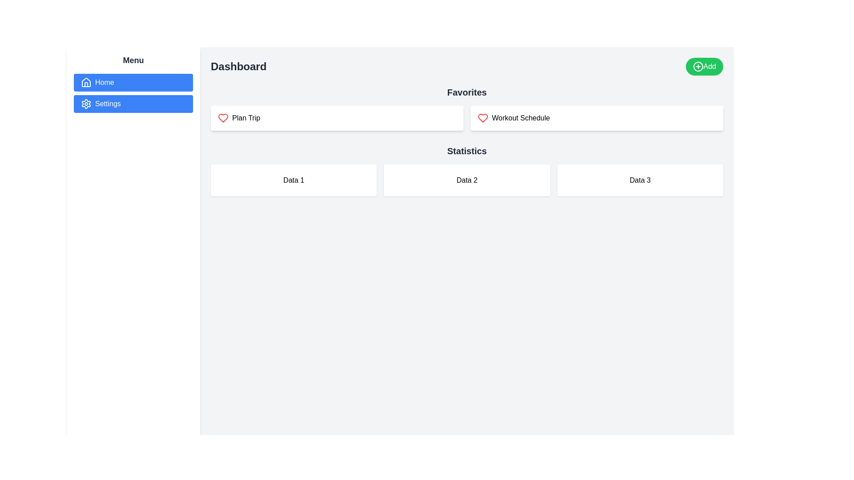 This screenshot has height=480, width=854. Describe the element at coordinates (482, 118) in the screenshot. I see `the red heart icon in the Favorites section of the dashboard for keyboard interaction` at that location.